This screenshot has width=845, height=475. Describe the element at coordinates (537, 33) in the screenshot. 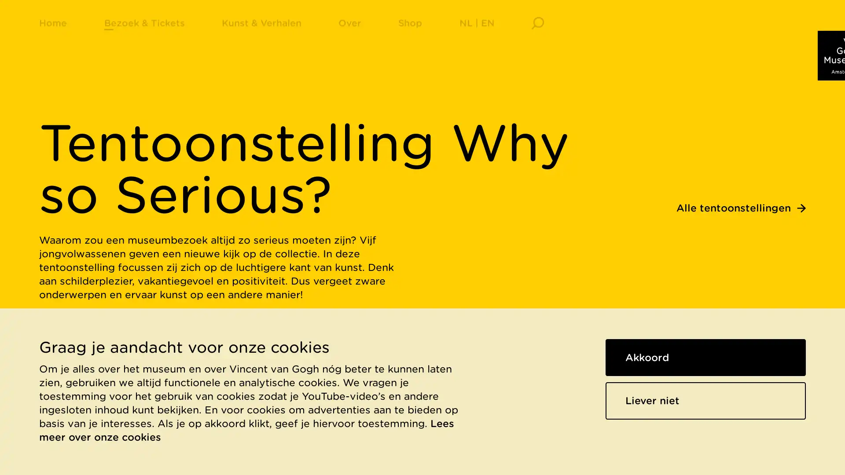

I see `Zoeken` at that location.